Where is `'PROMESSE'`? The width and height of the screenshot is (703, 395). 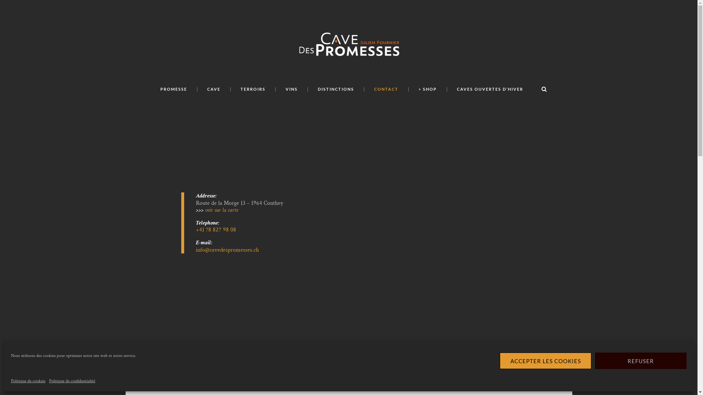
'PROMESSE' is located at coordinates (173, 89).